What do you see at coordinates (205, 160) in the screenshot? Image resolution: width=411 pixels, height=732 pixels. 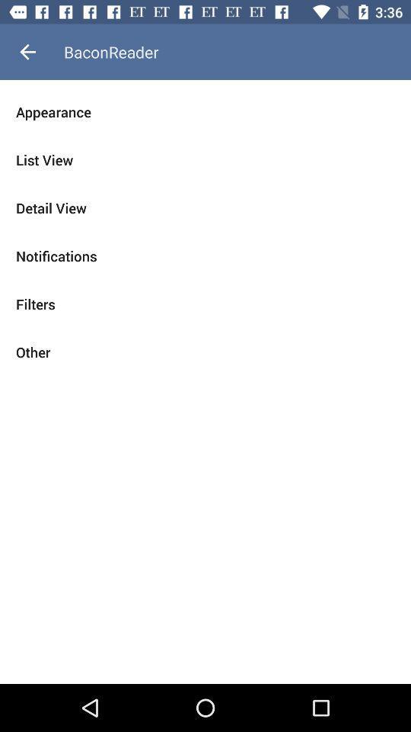 I see `list view icon` at bounding box center [205, 160].